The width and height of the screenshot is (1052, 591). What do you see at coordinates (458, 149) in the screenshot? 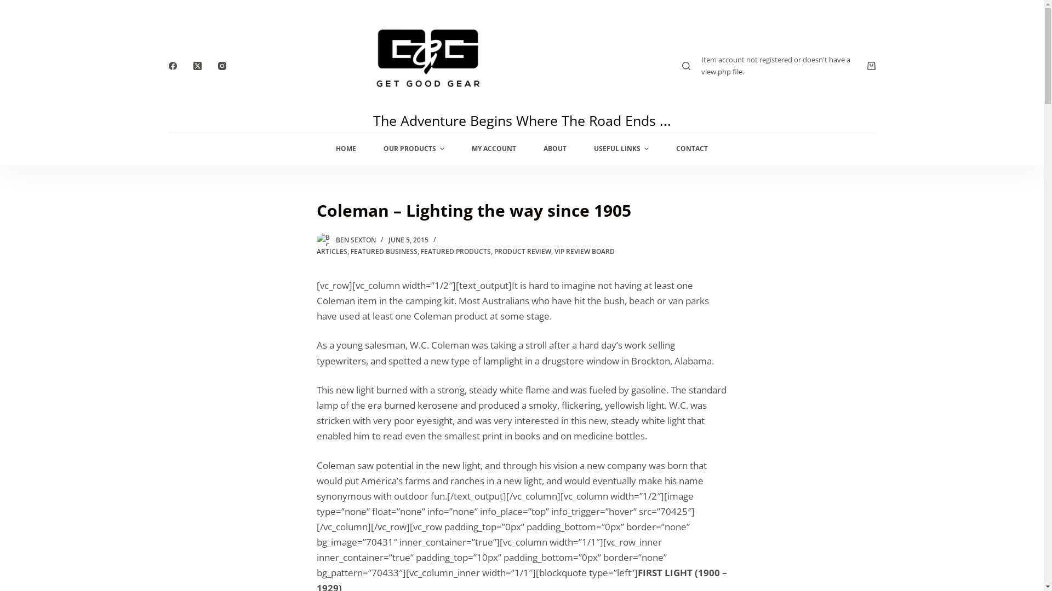
I see `'MY ACCOUNT'` at bounding box center [458, 149].